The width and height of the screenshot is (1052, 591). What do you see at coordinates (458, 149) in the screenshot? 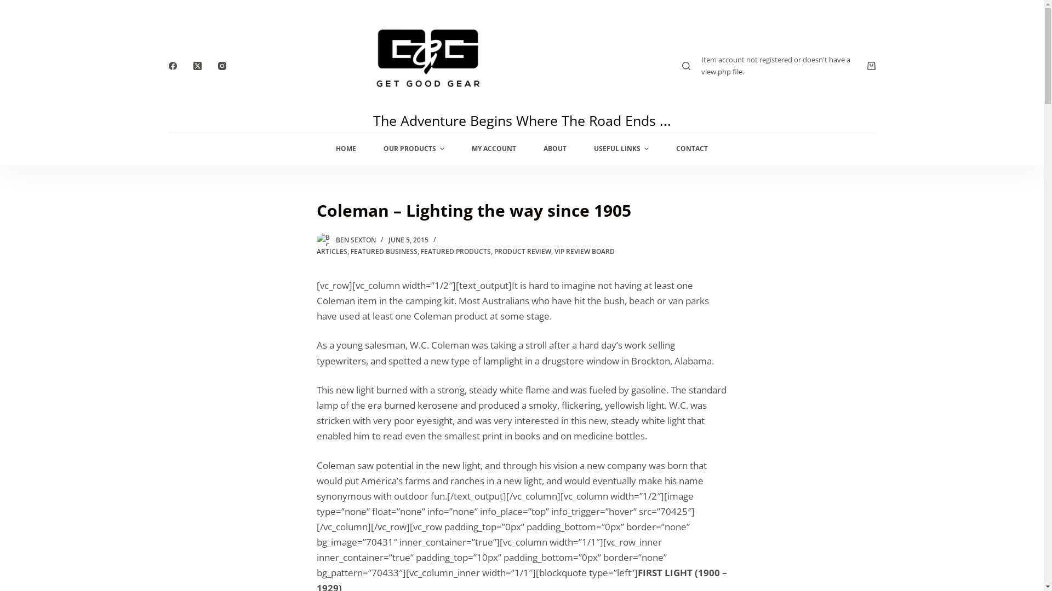
I see `'MY ACCOUNT'` at bounding box center [458, 149].